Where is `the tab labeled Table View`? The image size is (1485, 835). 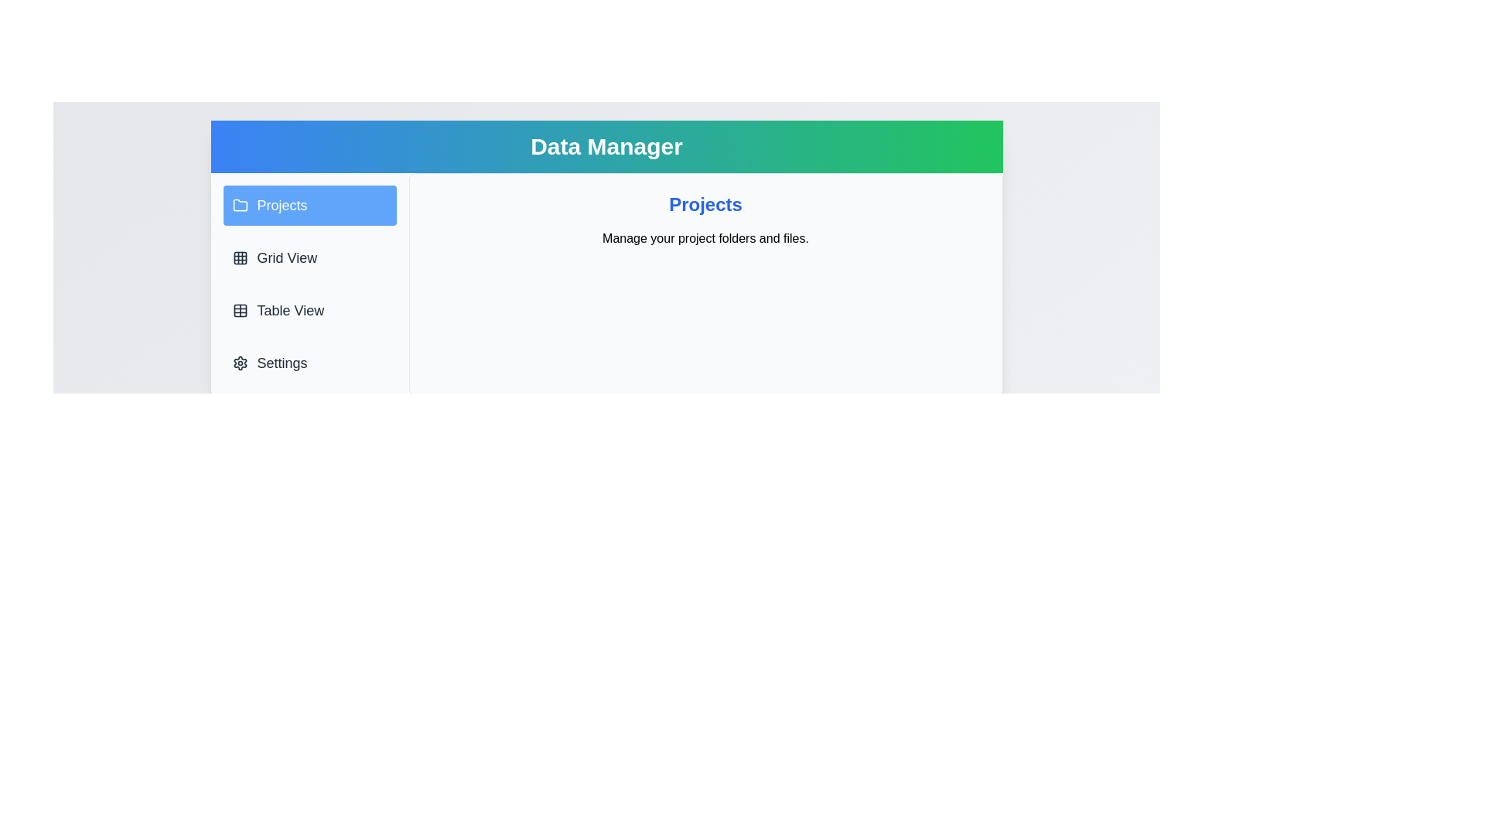
the tab labeled Table View is located at coordinates (309, 310).